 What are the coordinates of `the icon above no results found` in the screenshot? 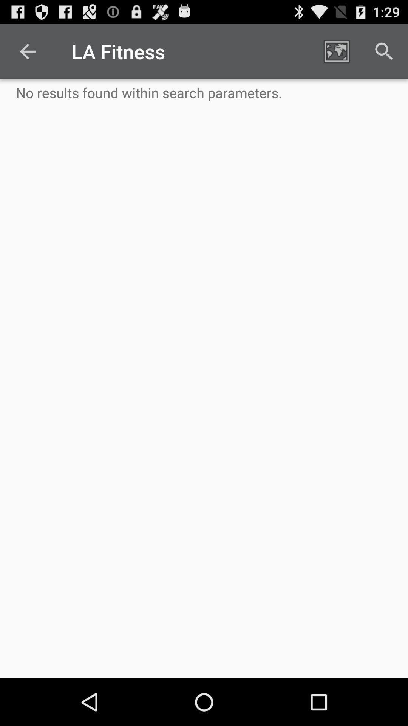 It's located at (27, 51).